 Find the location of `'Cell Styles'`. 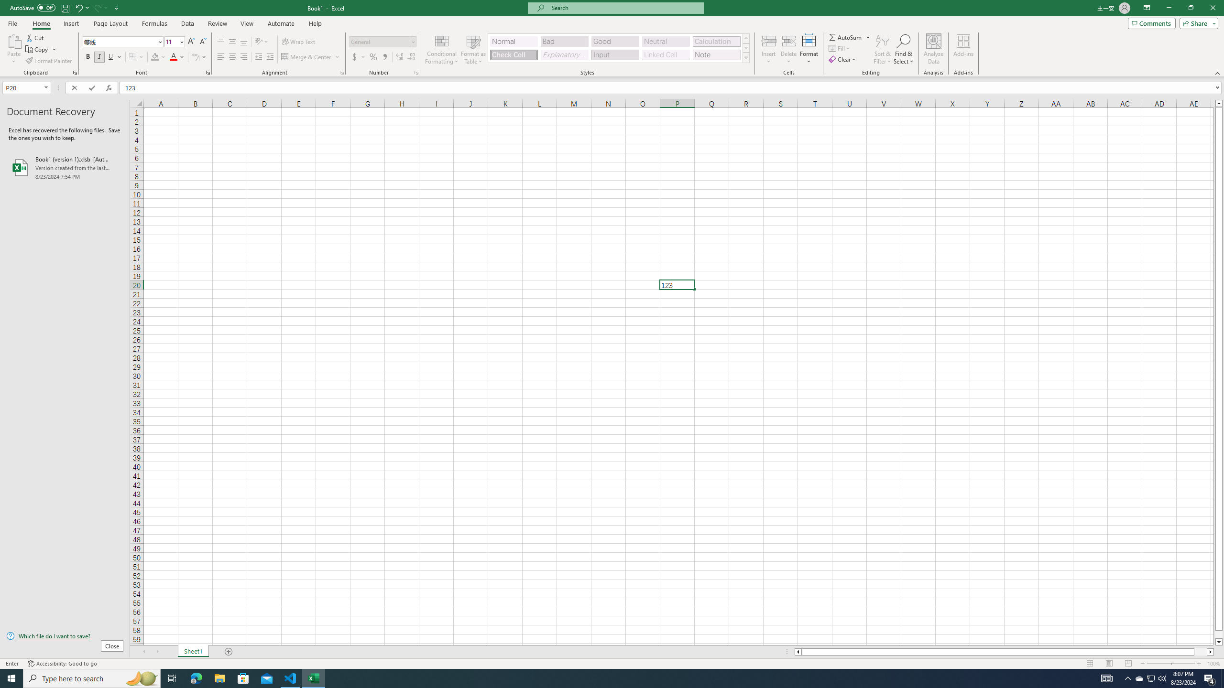

'Cell Styles' is located at coordinates (746, 57).